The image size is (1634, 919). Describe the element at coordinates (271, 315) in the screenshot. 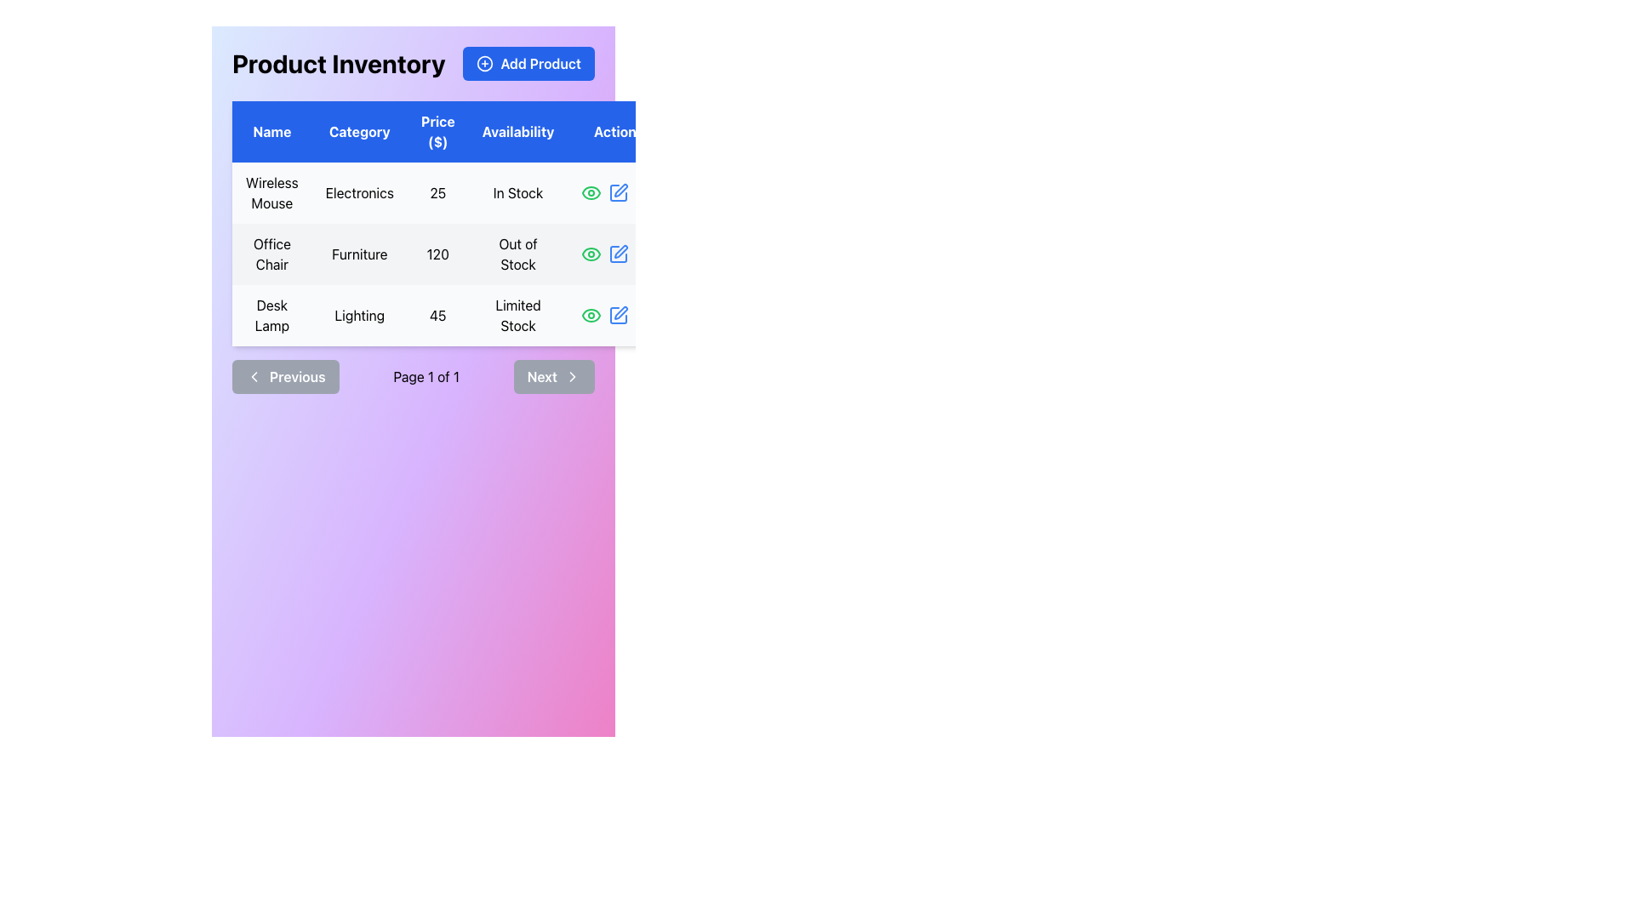

I see `text of the 'Desk Lamp' label located in the third row of the product table under the 'Name' column` at that location.